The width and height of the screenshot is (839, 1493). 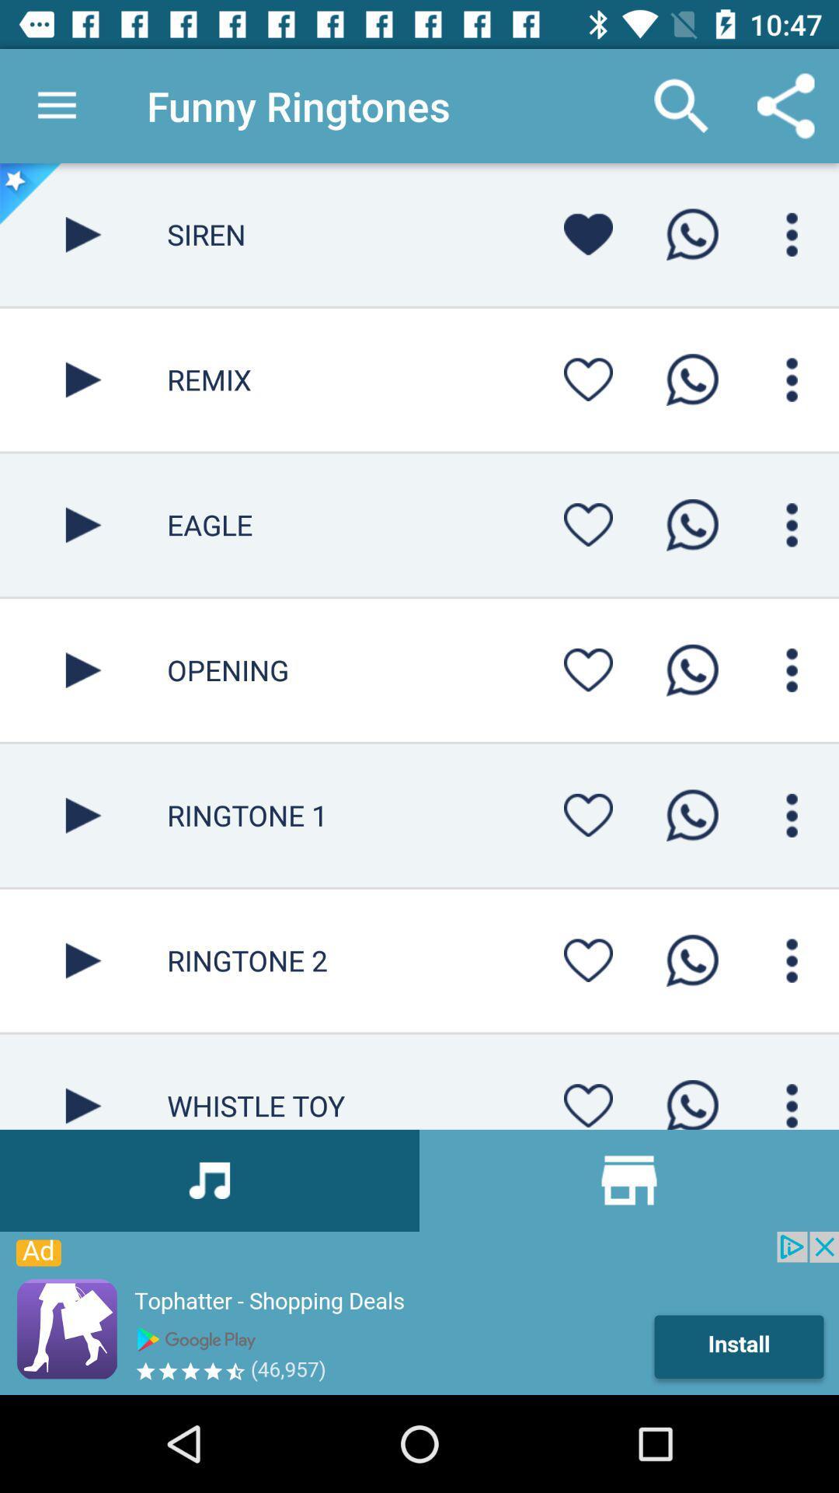 I want to click on song, so click(x=83, y=1081).